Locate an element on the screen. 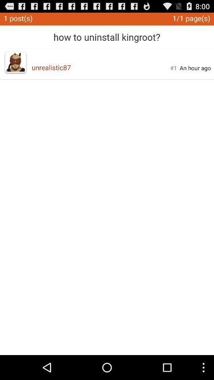  the icon to the left of unrealistic87 app is located at coordinates (15, 62).